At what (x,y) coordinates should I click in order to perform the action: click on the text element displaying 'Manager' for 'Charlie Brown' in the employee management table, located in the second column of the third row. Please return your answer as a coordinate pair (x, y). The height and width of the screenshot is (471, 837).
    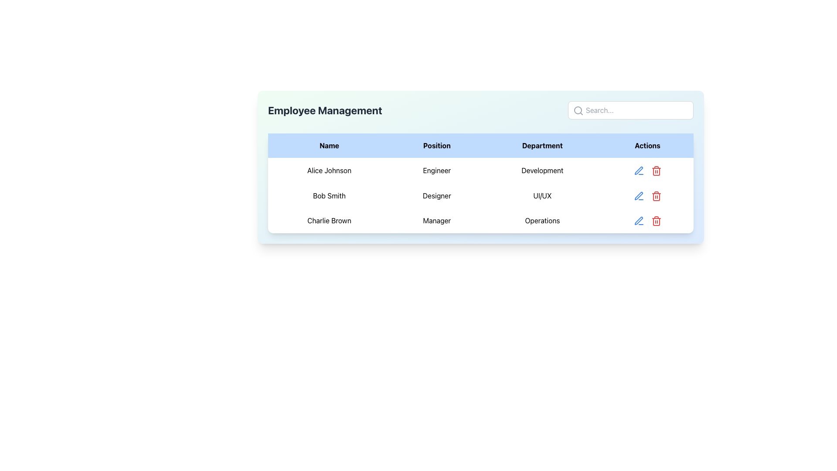
    Looking at the image, I should click on (437, 220).